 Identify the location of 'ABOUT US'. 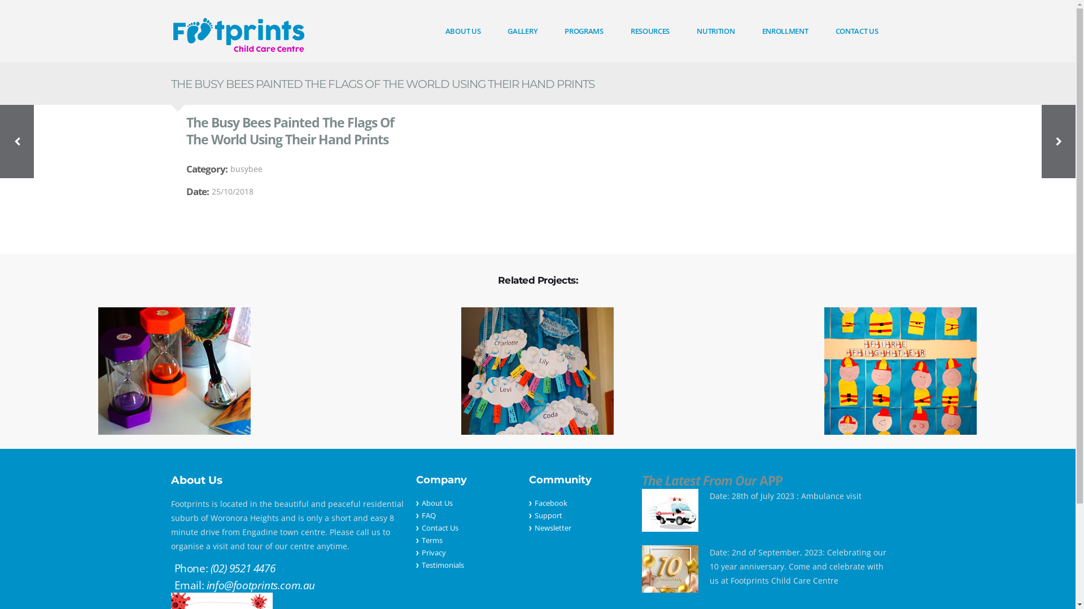
(463, 30).